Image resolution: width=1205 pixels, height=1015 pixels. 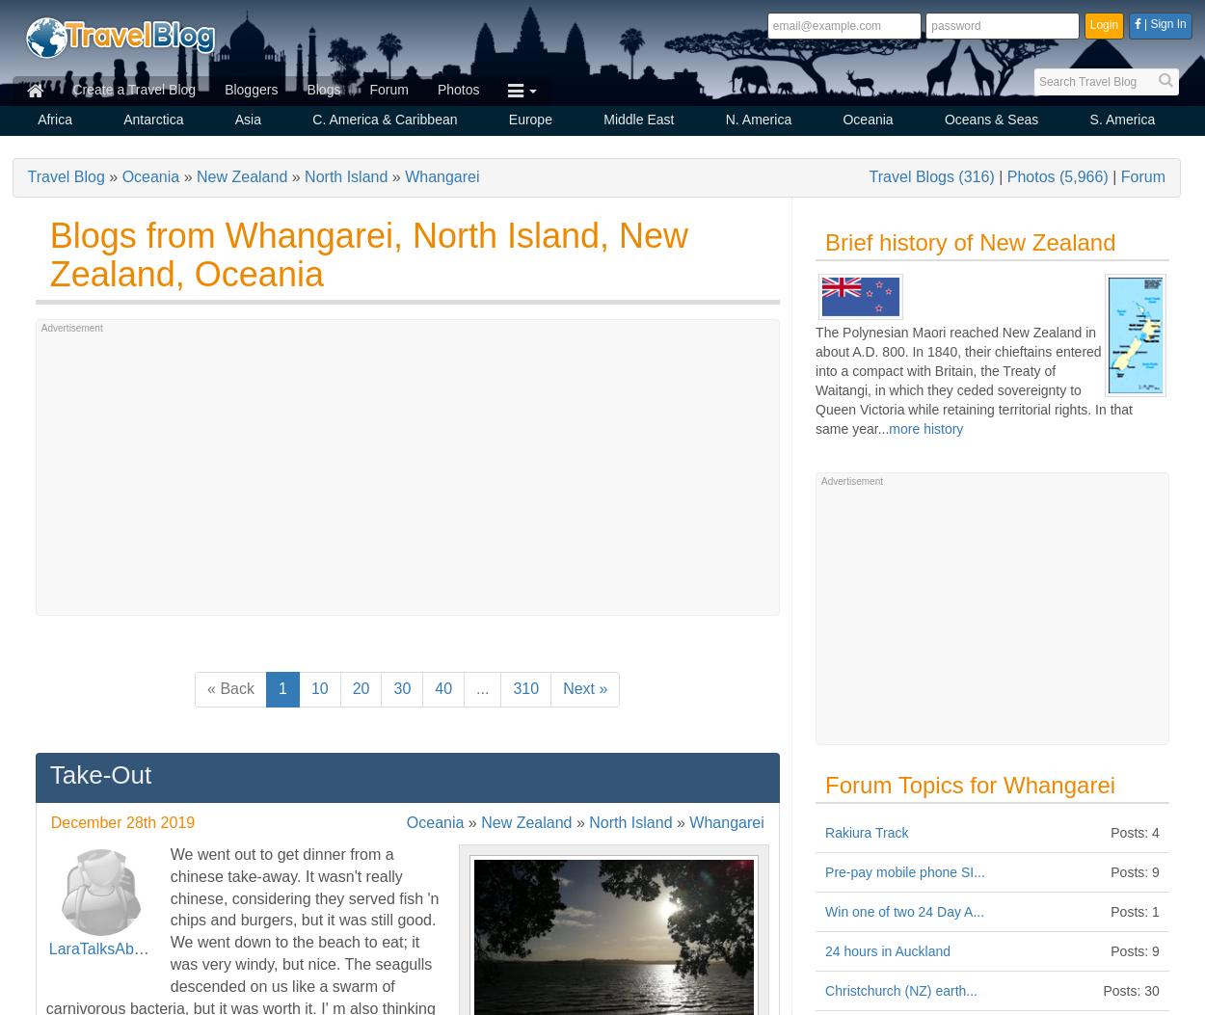 I want to click on 'Christchurch (NZ) earth...', so click(x=824, y=990).